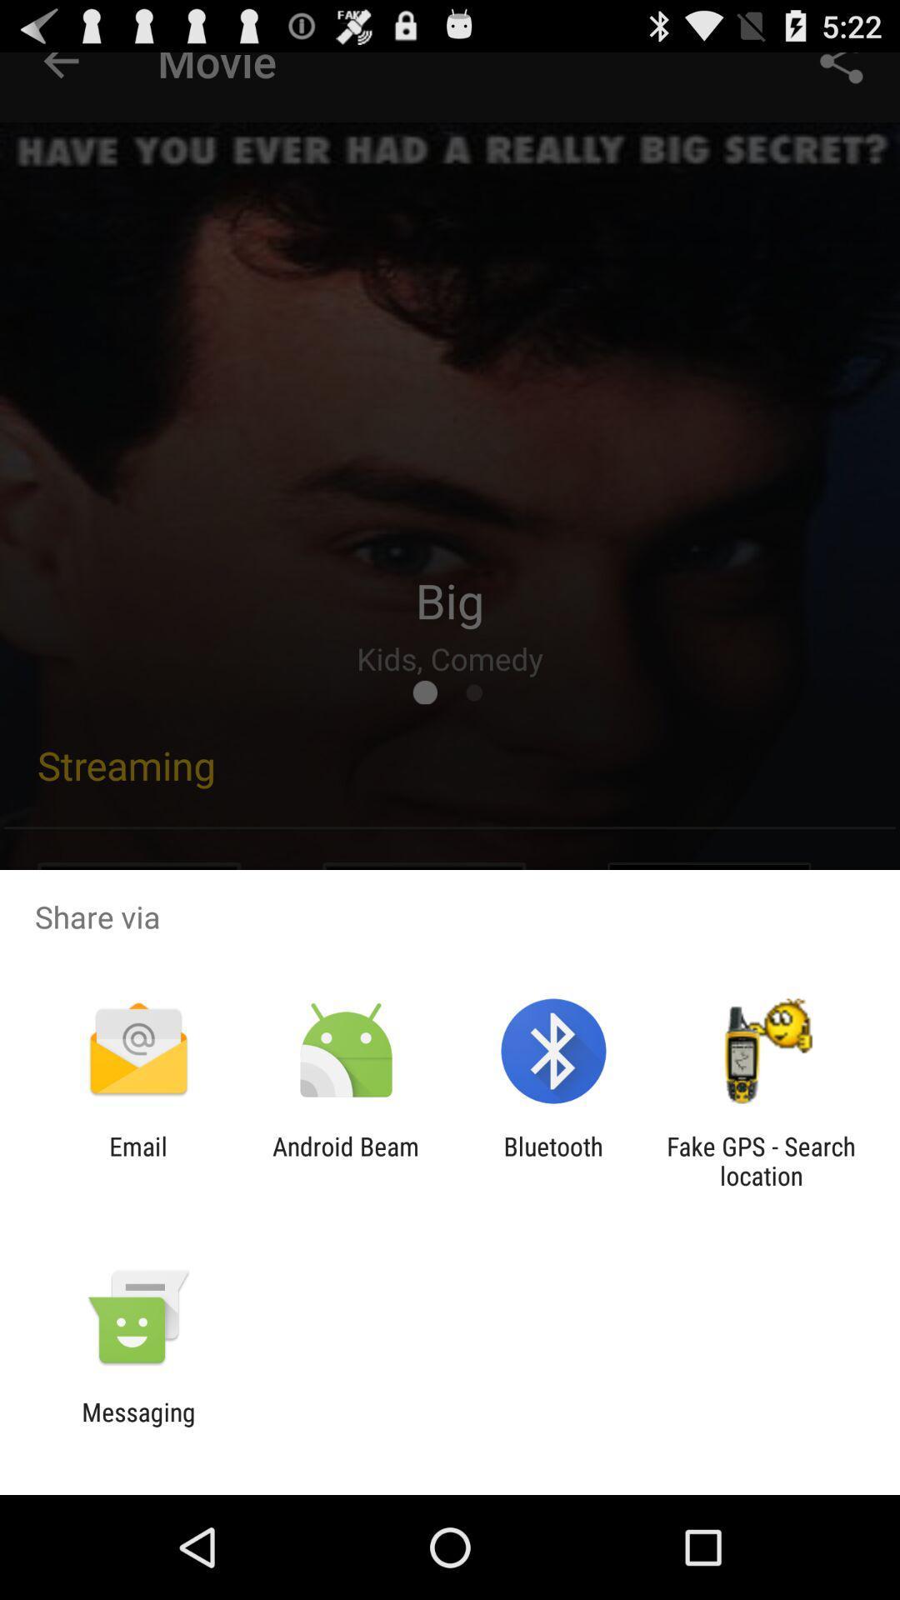 The width and height of the screenshot is (900, 1600). Describe the element at coordinates (553, 1160) in the screenshot. I see `the icon next to fake gps search app` at that location.